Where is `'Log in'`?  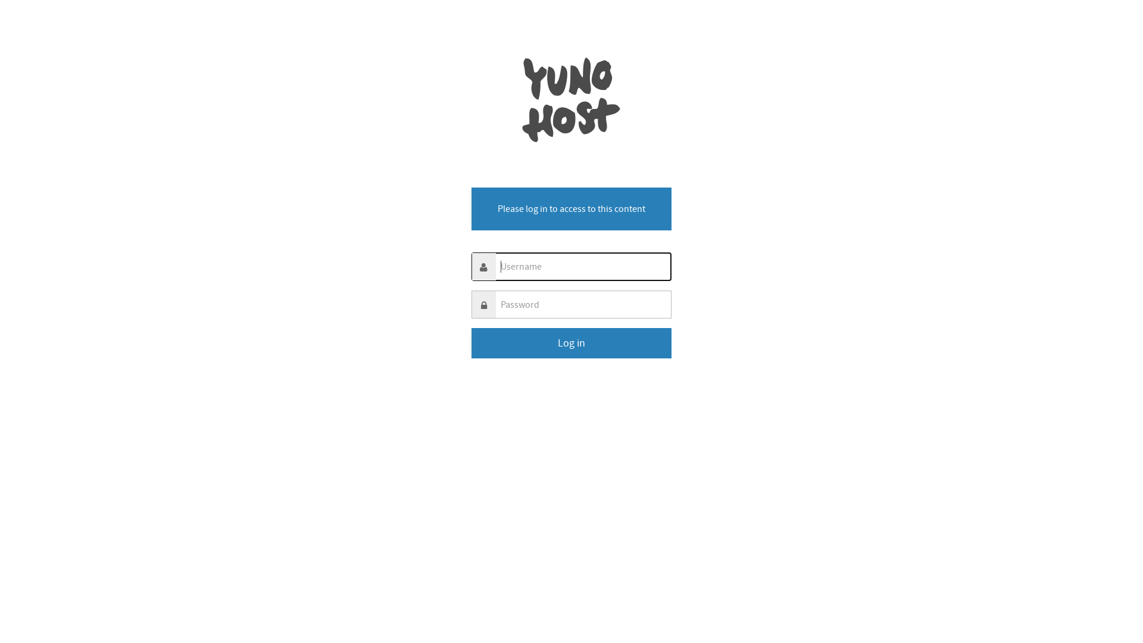 'Log in' is located at coordinates (571, 343).